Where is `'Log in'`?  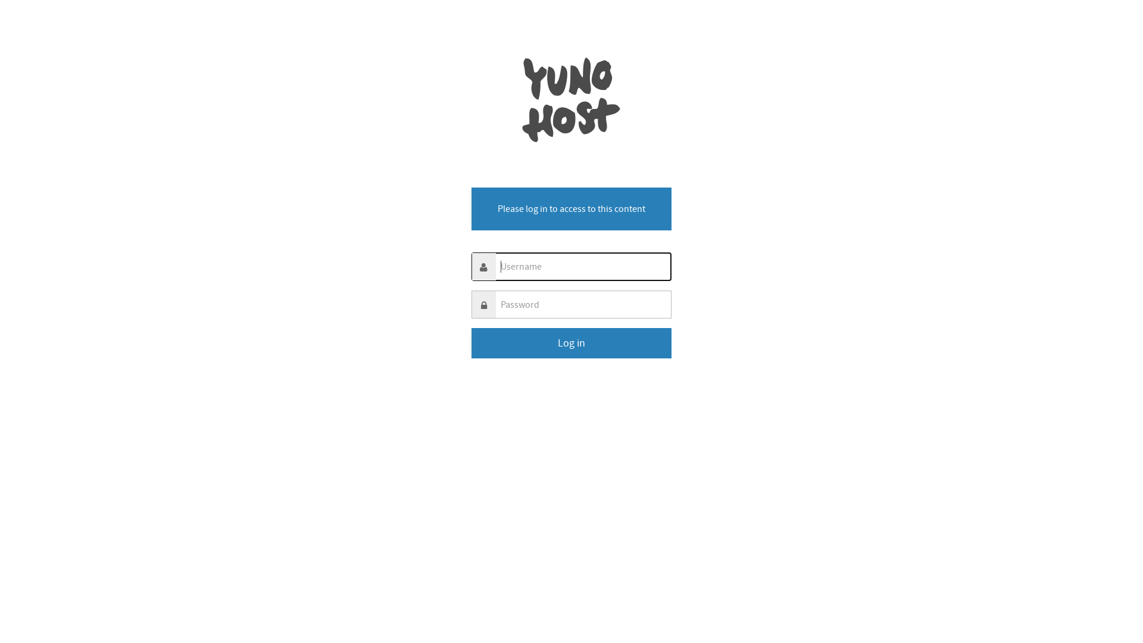 'Log in' is located at coordinates (571, 343).